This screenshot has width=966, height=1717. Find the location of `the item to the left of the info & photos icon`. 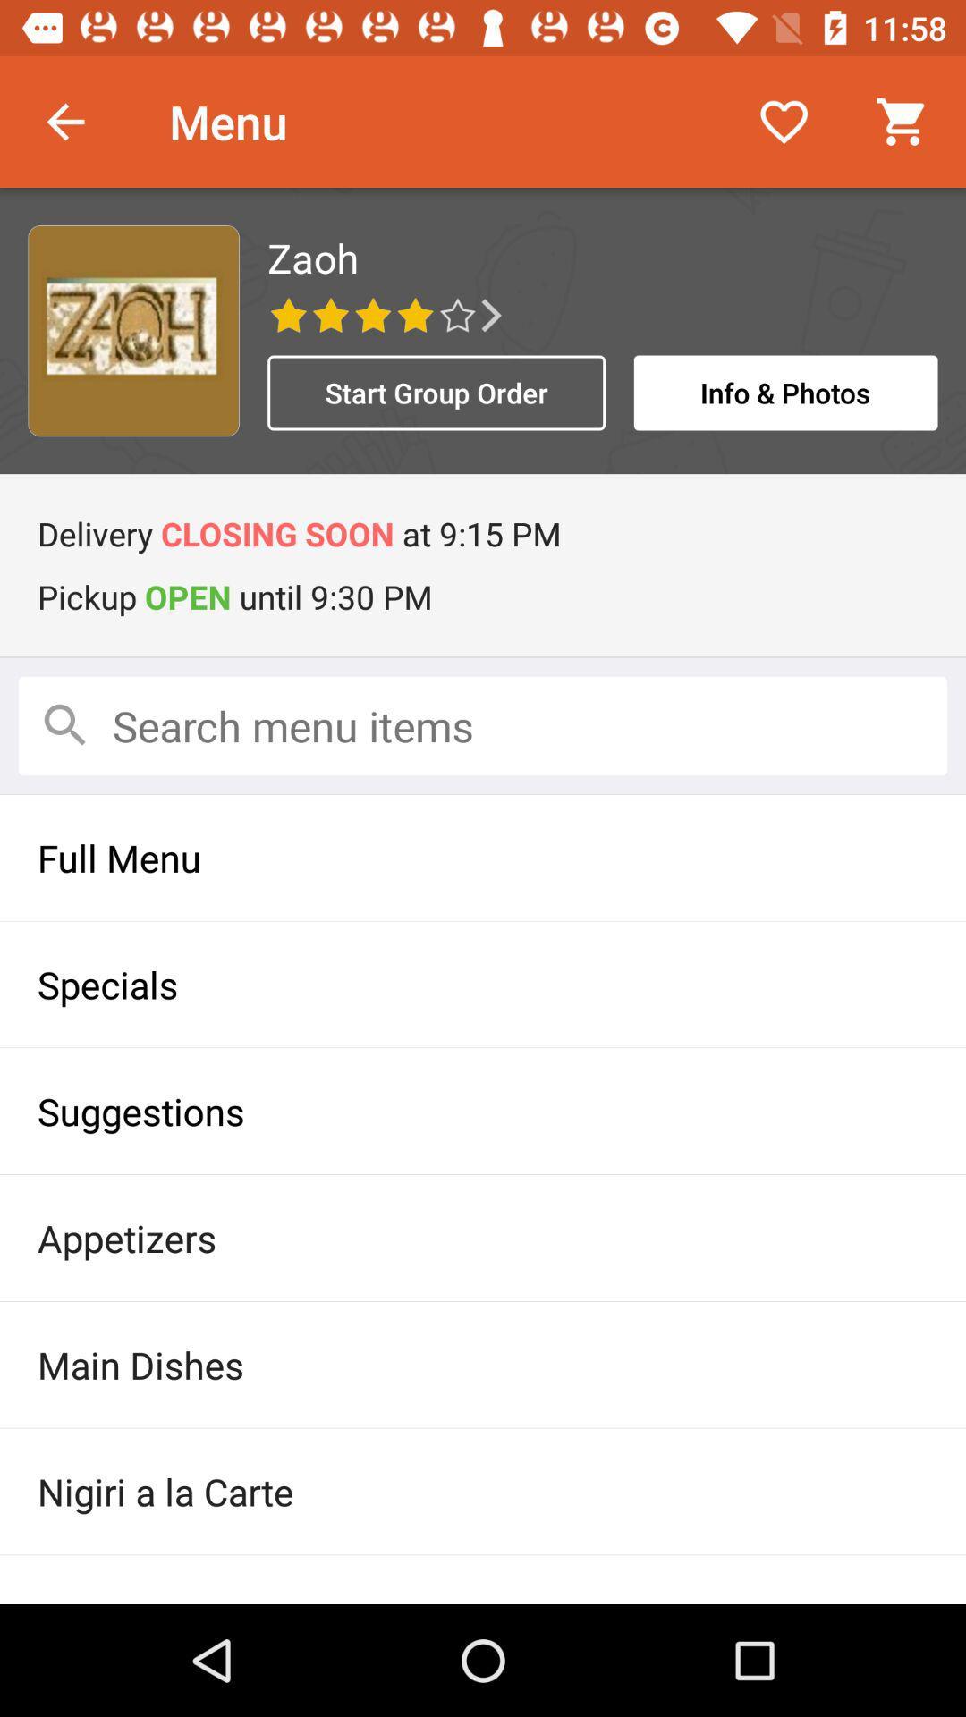

the item to the left of the info & photos icon is located at coordinates (436, 392).